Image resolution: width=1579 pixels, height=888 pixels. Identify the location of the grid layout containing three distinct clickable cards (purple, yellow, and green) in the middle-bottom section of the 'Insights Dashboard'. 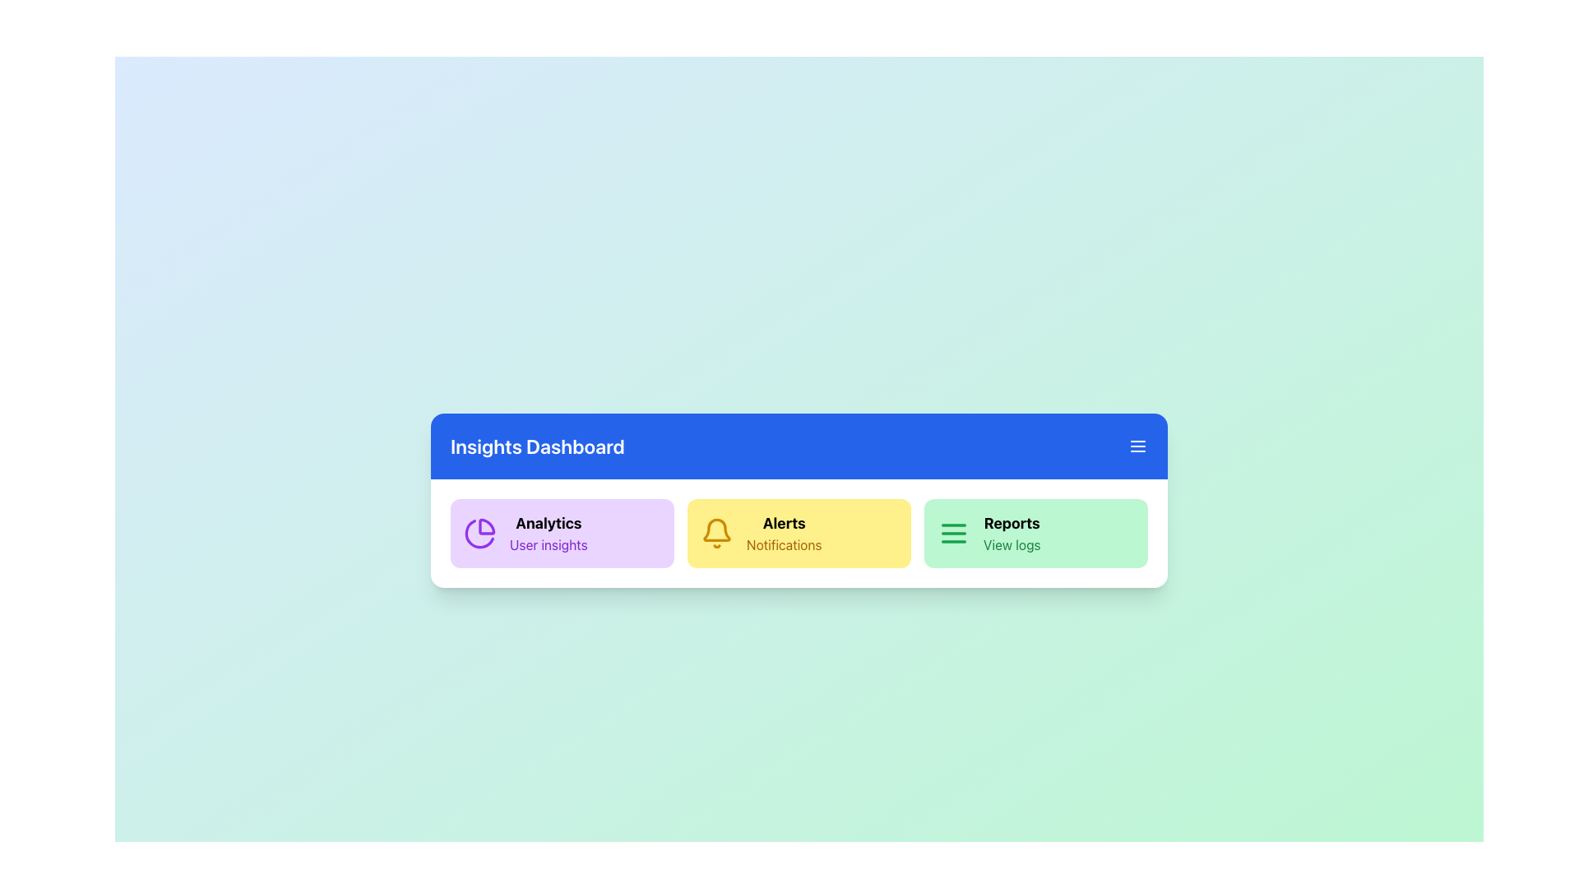
(799, 533).